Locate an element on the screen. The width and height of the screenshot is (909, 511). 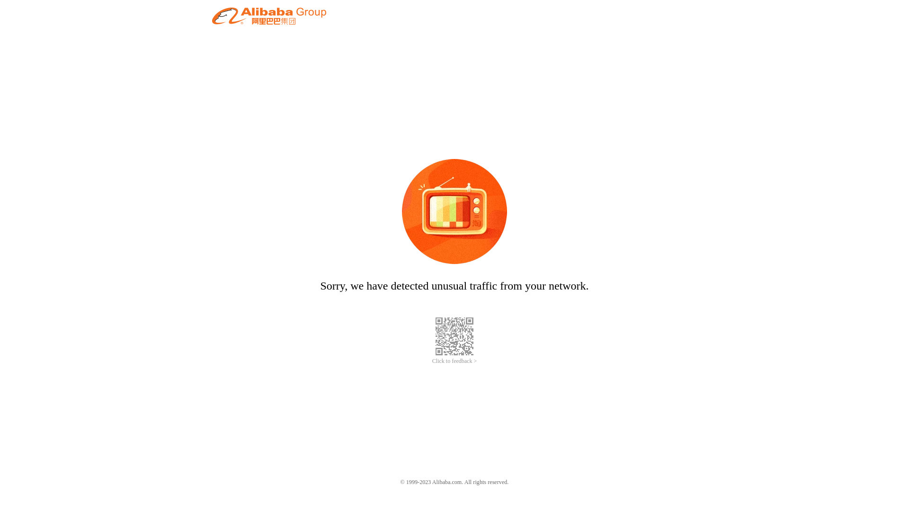
'Click to feedback >' is located at coordinates (454, 361).